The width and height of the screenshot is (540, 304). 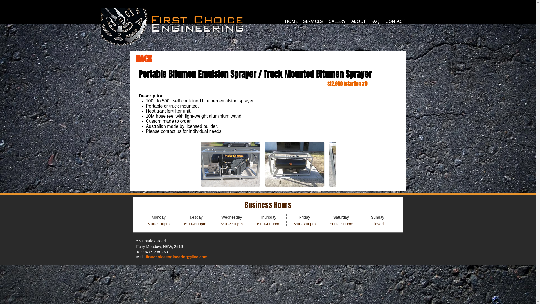 What do you see at coordinates (282, 21) in the screenshot?
I see `'HOME'` at bounding box center [282, 21].